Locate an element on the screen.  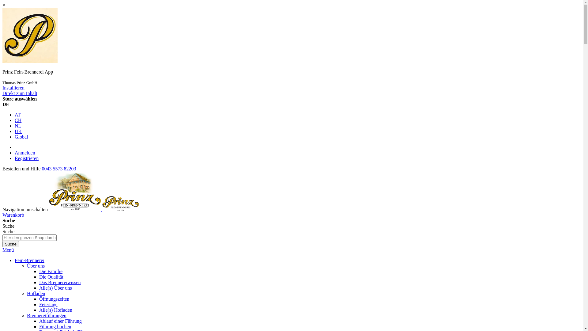
'Das Brennereiwissen' is located at coordinates (60, 282).